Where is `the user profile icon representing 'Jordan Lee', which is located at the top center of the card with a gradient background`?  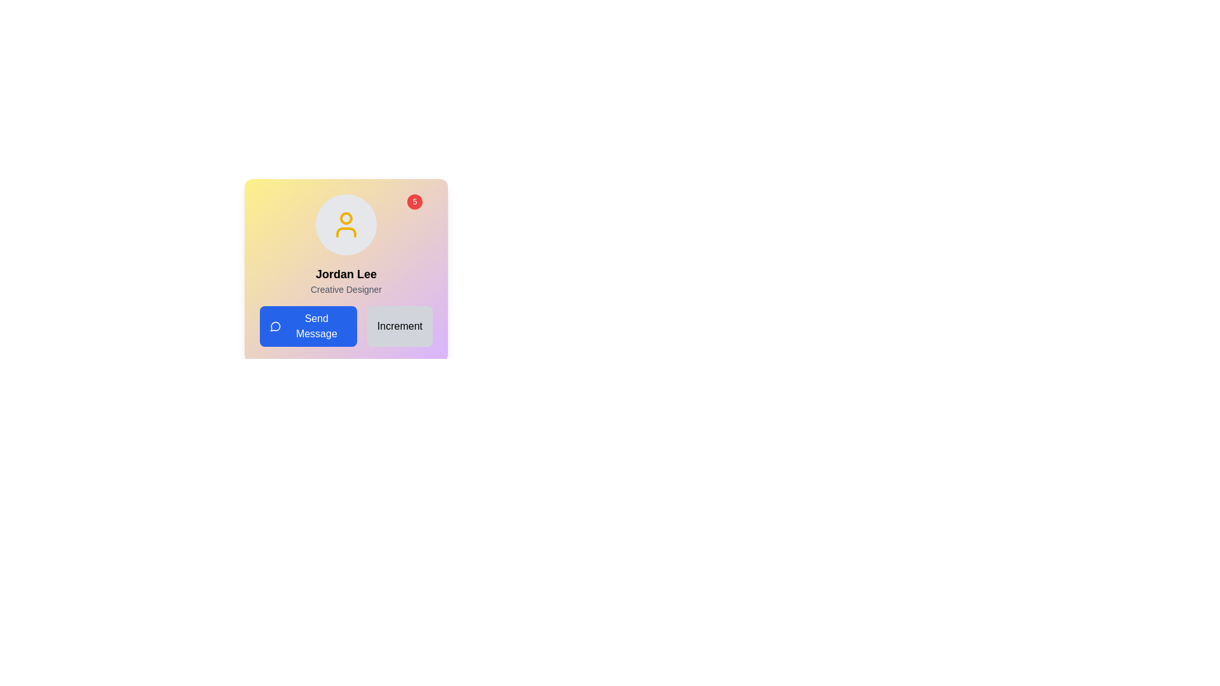
the user profile icon representing 'Jordan Lee', which is located at the top center of the card with a gradient background is located at coordinates (346, 224).